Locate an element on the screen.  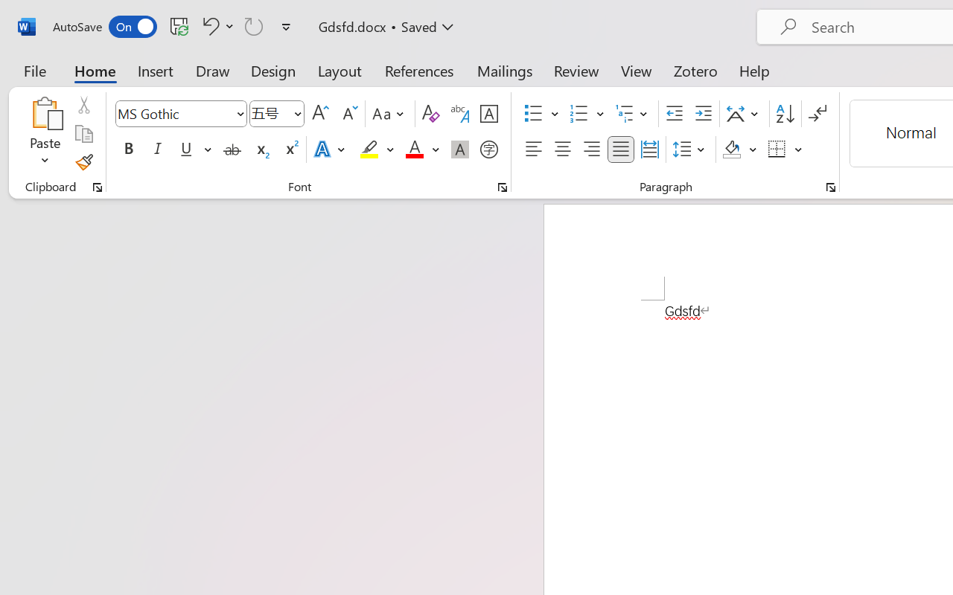
'Distributed' is located at coordinates (649, 149).